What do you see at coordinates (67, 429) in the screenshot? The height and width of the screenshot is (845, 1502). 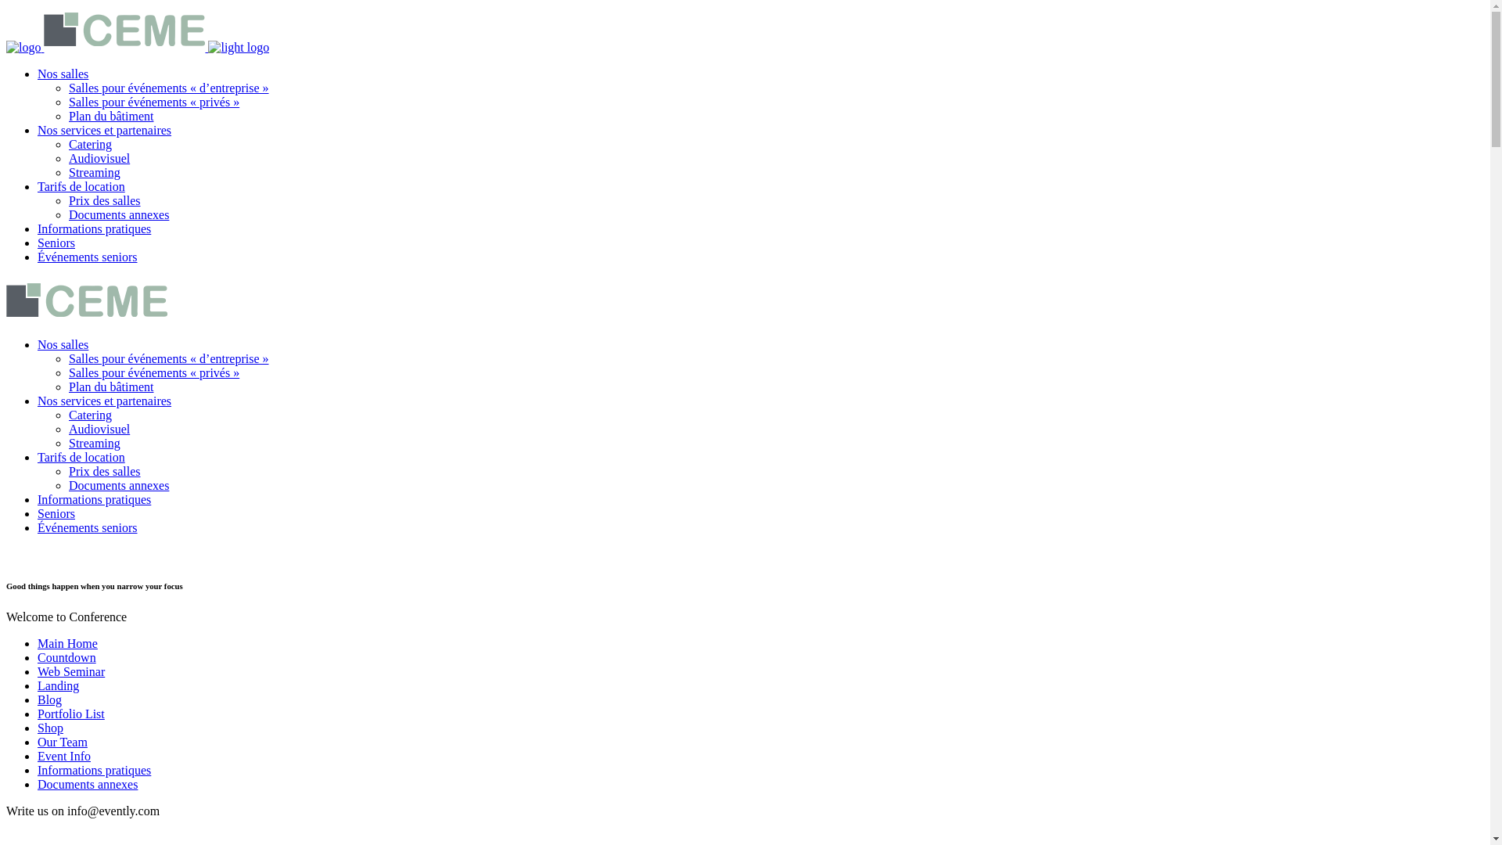 I see `'Audiovisuel'` at bounding box center [67, 429].